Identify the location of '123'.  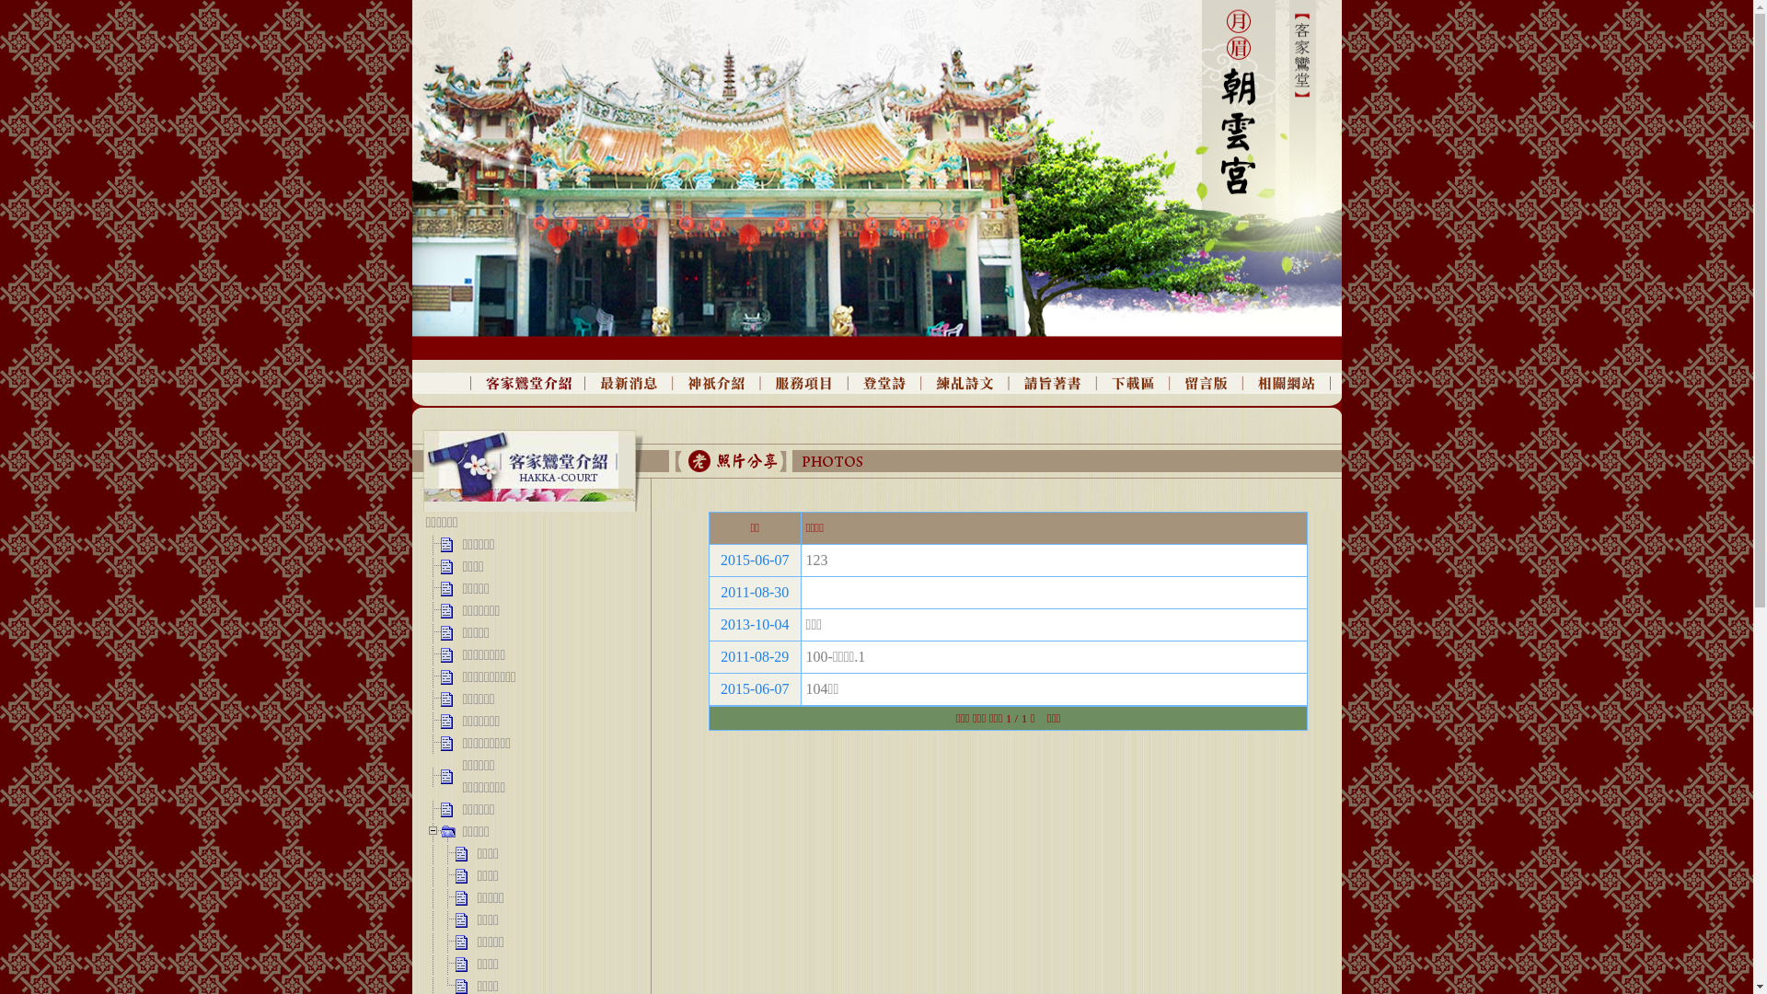
(805, 559).